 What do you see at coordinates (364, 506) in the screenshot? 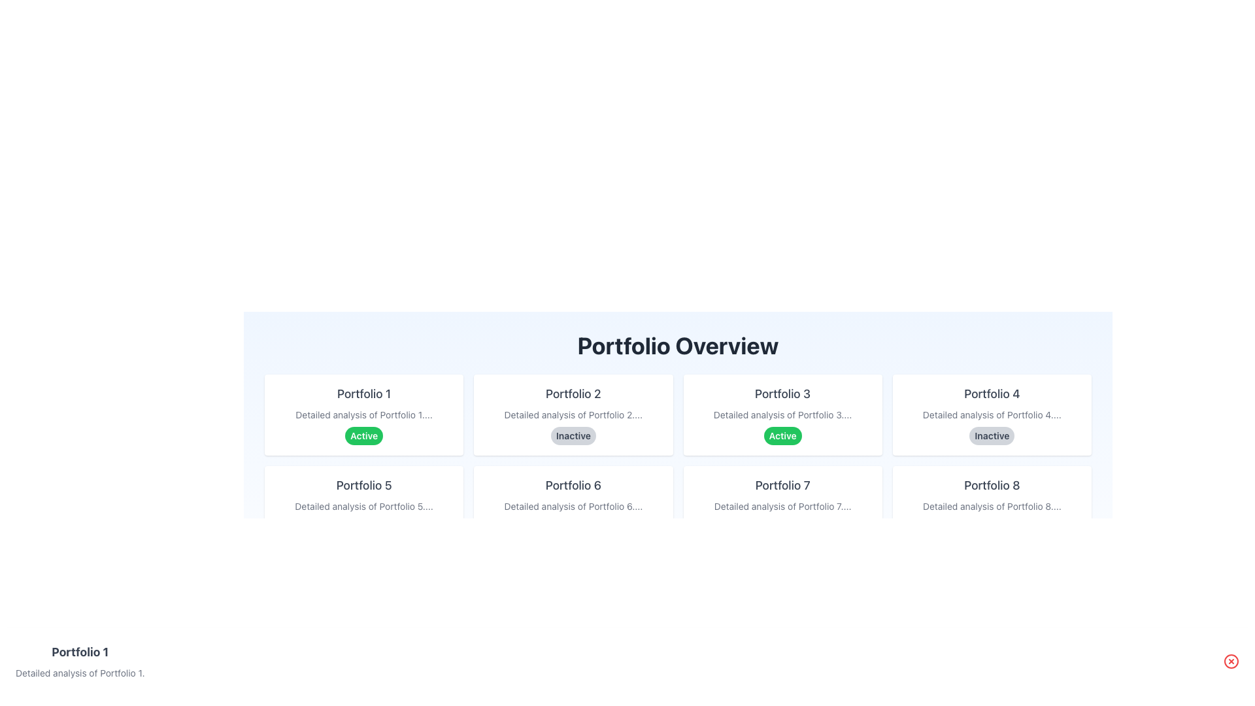
I see `the static text label that provides a brief description related to 'Portfolio 5', located below the title and above the status badge 'Active'` at bounding box center [364, 506].